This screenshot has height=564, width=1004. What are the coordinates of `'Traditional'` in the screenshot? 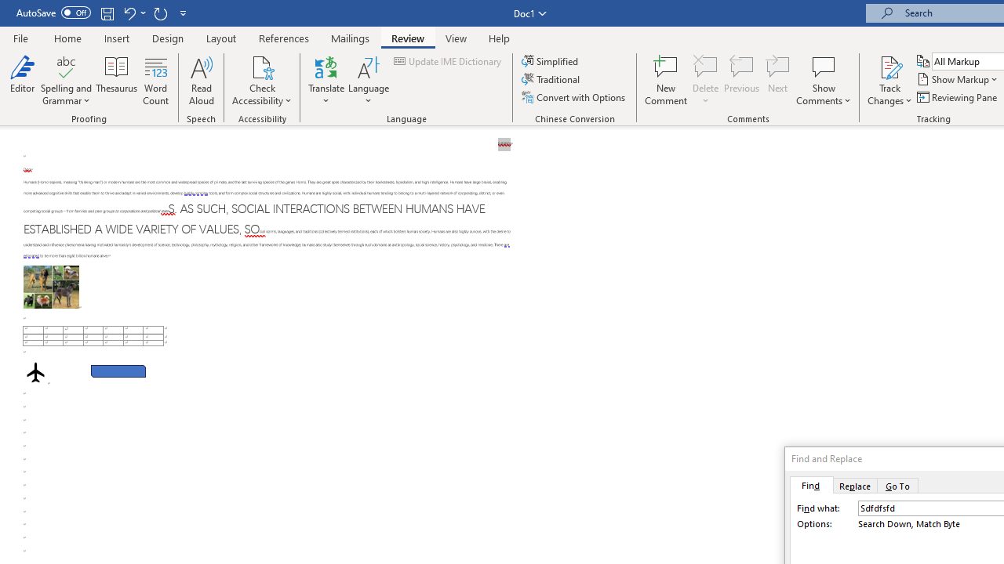 It's located at (552, 79).